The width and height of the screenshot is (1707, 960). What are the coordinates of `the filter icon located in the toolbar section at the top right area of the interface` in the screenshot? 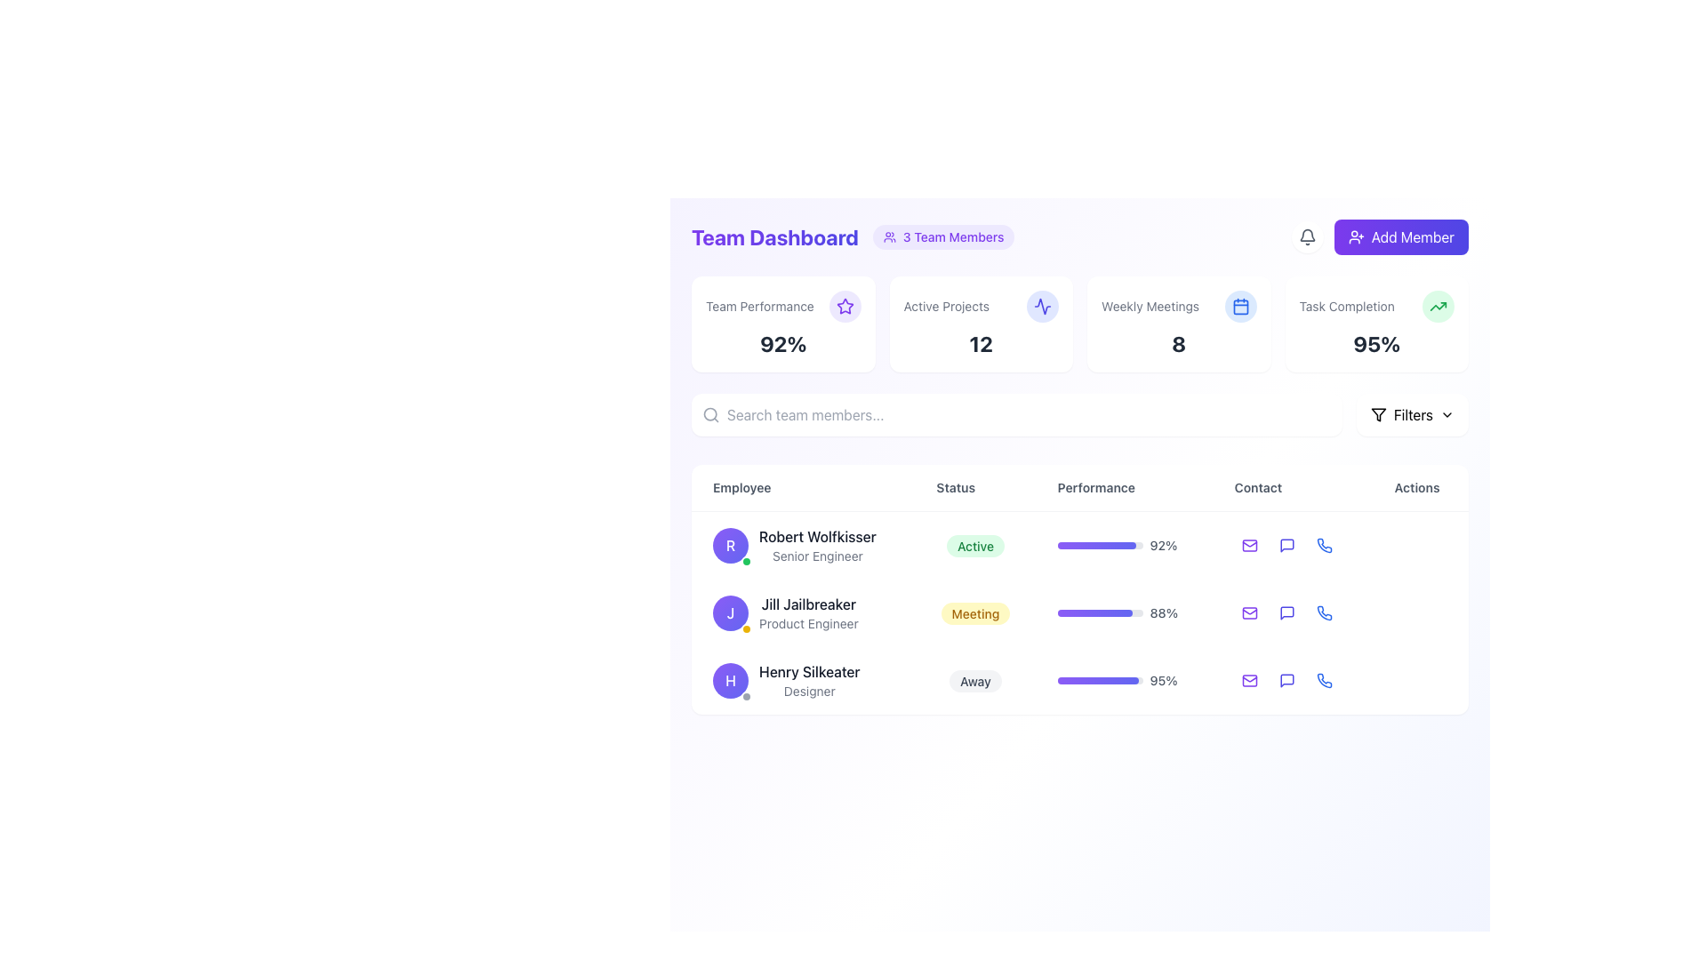 It's located at (1377, 414).